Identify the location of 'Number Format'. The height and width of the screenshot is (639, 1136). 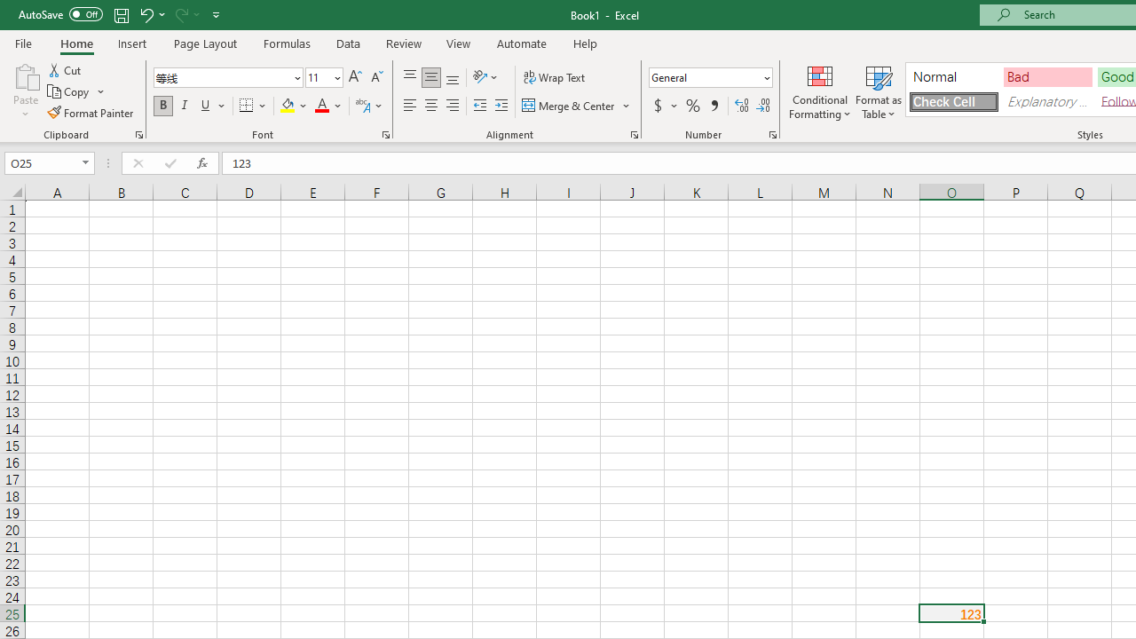
(704, 76).